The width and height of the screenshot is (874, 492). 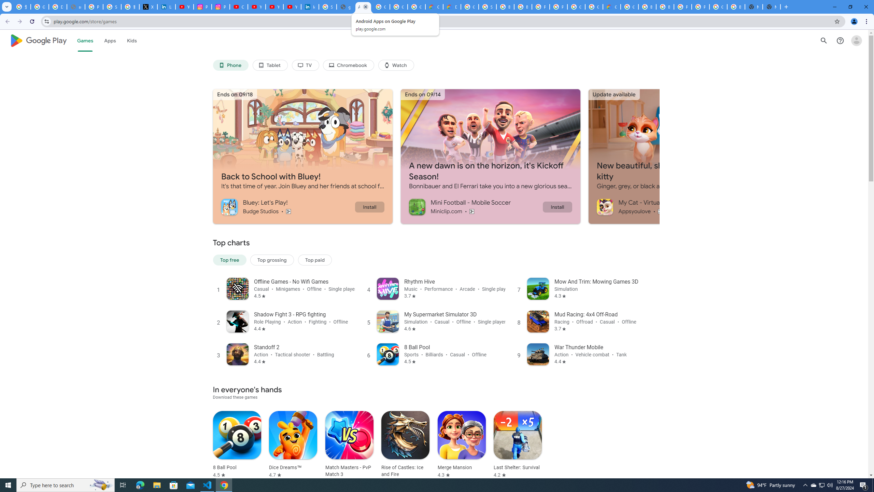 I want to click on 'google_privacy_policy_en.pdf', so click(x=345, y=6).